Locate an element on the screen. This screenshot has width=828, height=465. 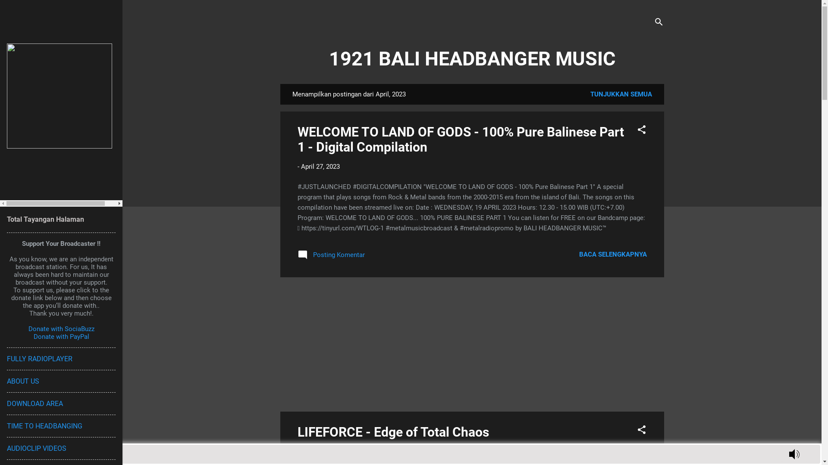
'April 24, 2023' is located at coordinates (301, 451).